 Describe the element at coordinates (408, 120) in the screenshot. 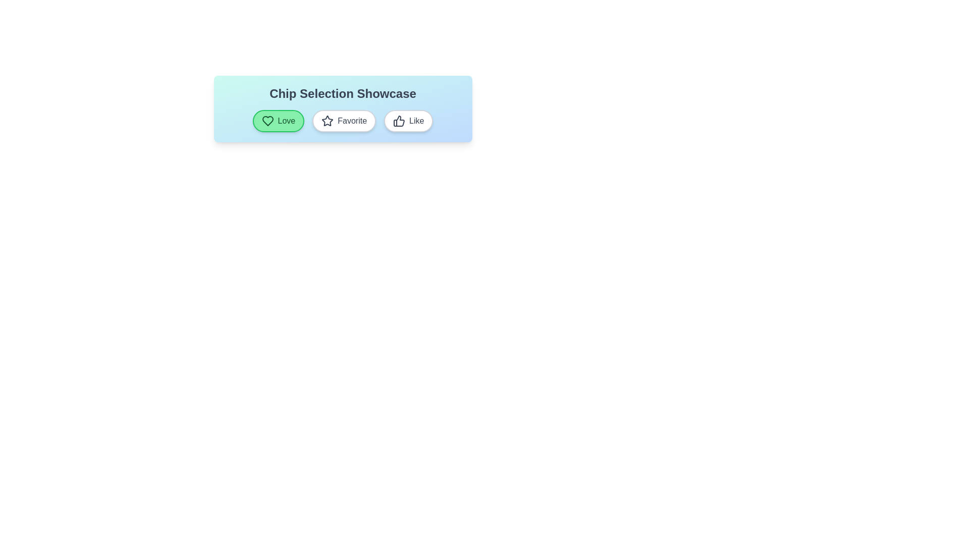

I see `the chip labeled Like to observe its visual feedback` at that location.